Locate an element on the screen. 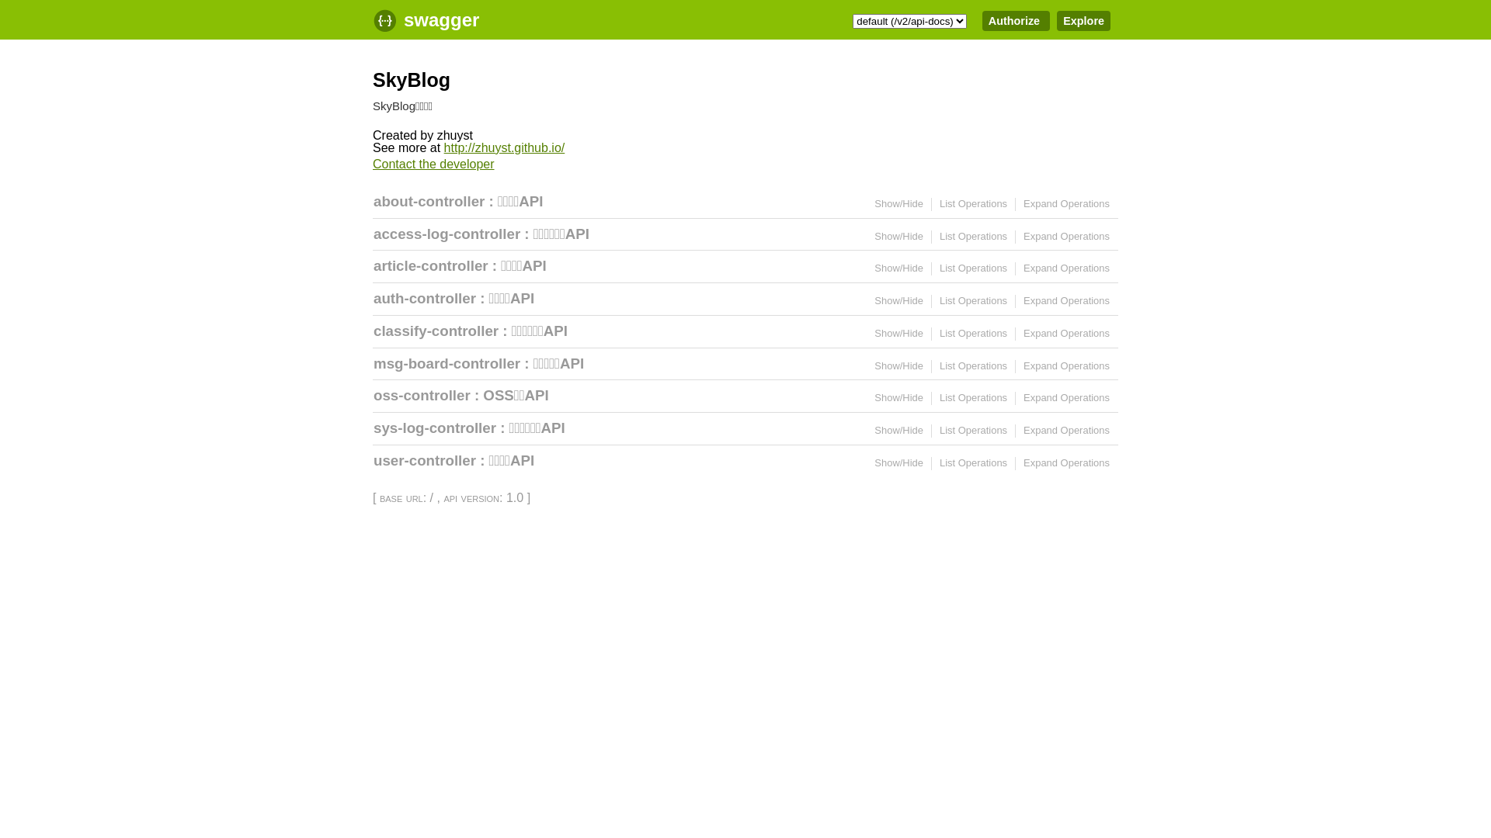  'List Operations' is located at coordinates (938, 203).